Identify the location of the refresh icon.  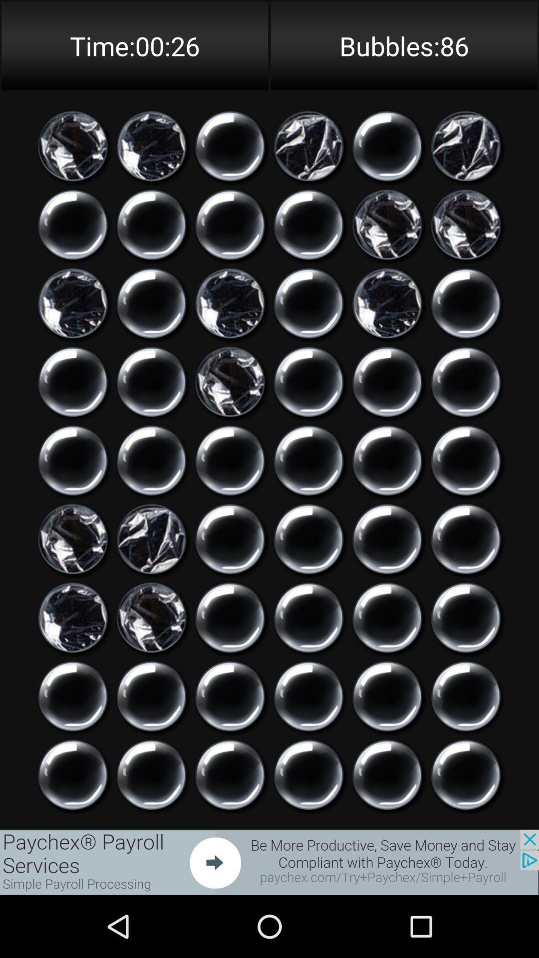
(72, 493).